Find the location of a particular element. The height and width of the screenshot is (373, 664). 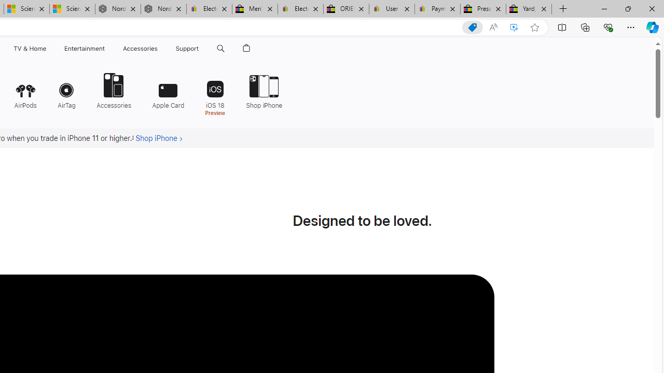

'Support' is located at coordinates (187, 48).